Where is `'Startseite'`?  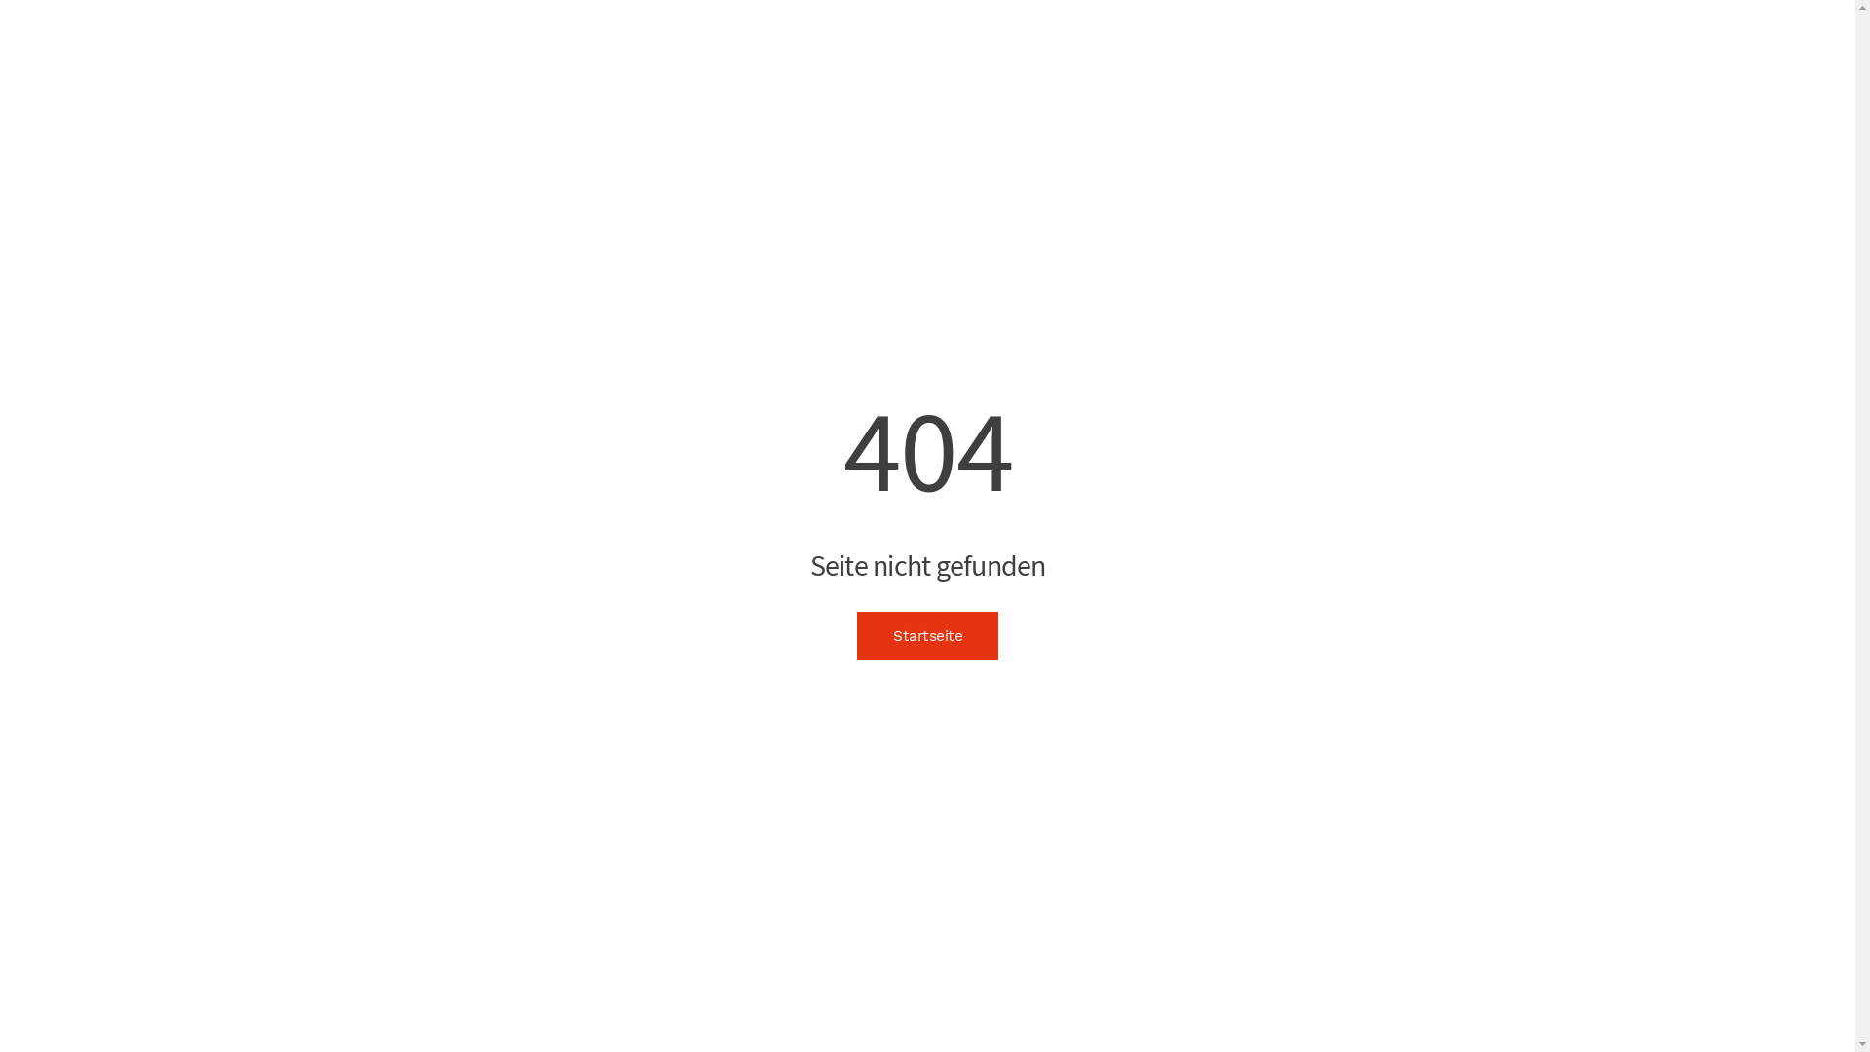
'Startseite' is located at coordinates (856, 635).